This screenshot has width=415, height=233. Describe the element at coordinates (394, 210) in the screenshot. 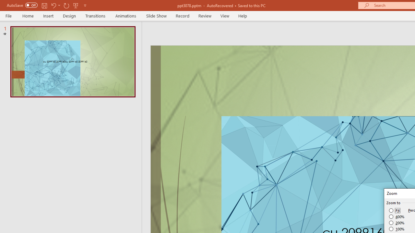

I see `'Fit'` at that location.